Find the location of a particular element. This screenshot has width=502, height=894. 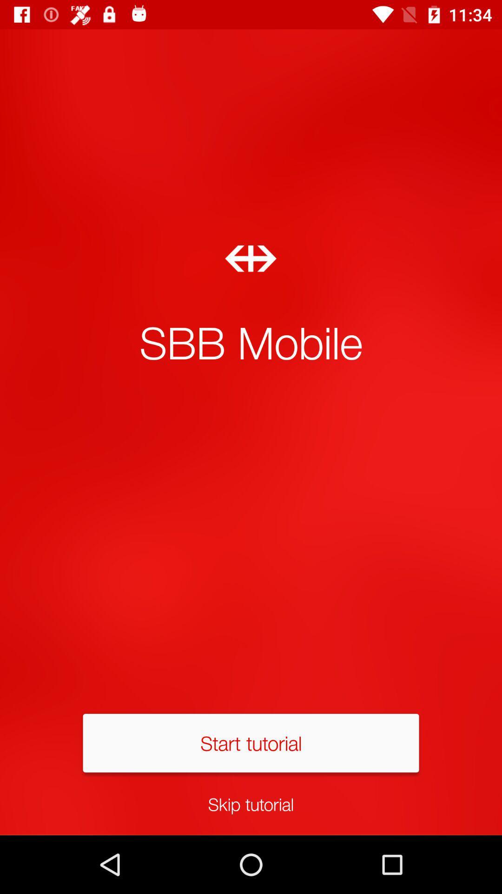

item below sbb mobile icon is located at coordinates (251, 742).